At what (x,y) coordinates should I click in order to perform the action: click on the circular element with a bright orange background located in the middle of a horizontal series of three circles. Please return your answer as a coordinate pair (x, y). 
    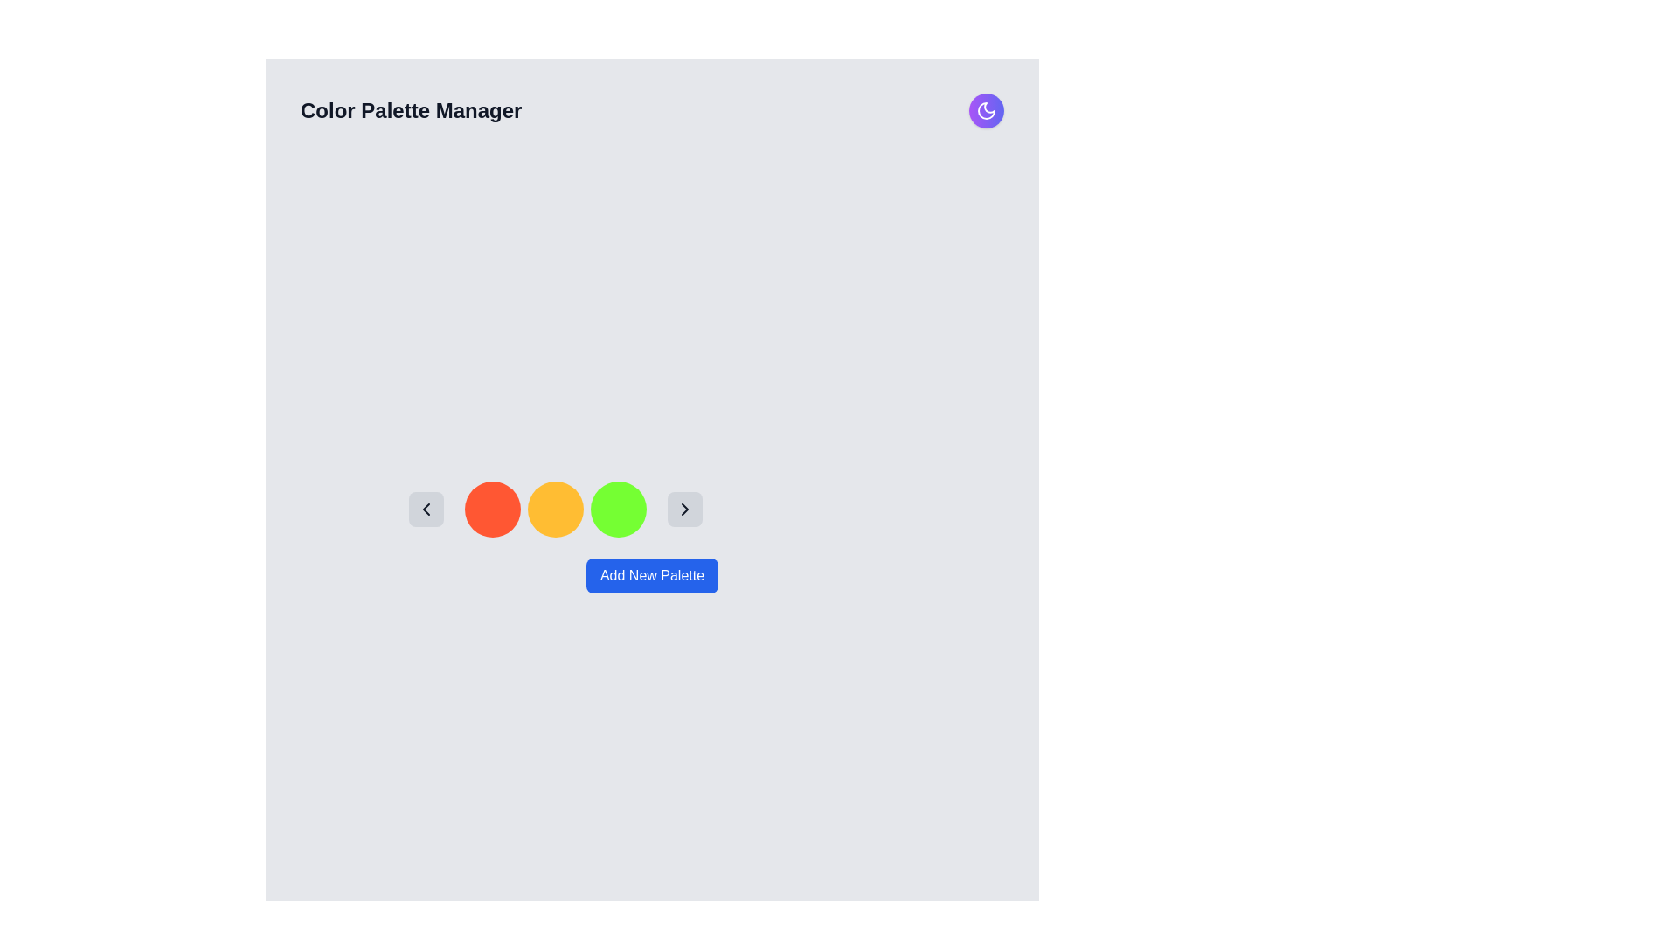
    Looking at the image, I should click on (554, 509).